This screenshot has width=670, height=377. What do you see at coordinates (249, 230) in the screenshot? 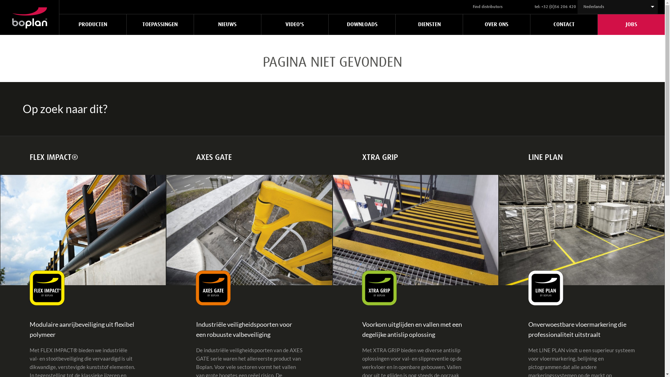
I see `'Boplan Double Axes Gate'` at bounding box center [249, 230].